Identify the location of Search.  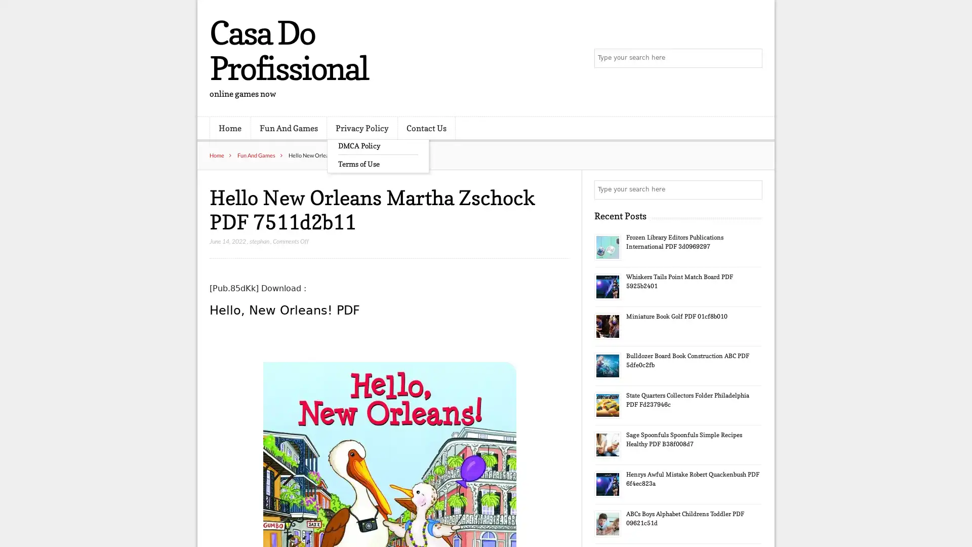
(752, 58).